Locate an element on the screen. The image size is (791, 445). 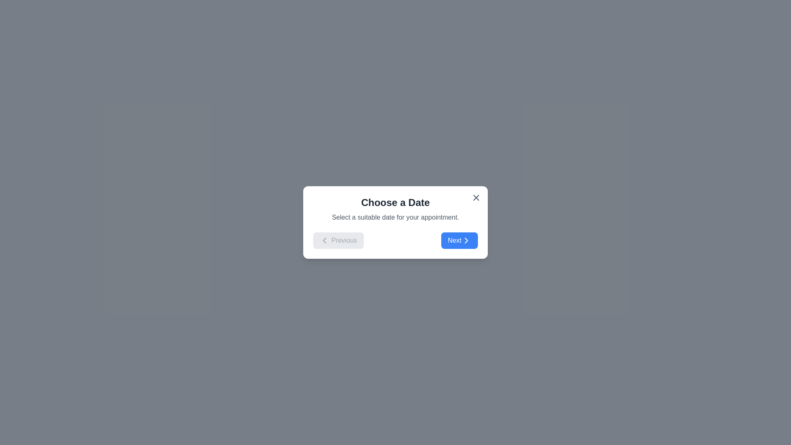
the 'close' button located in the top-right corner of the dialog box titled 'Choose a Date' is located at coordinates (476, 197).